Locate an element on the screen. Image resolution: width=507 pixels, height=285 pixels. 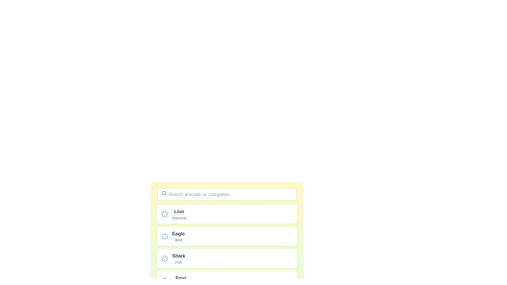
text information of the entry titled 'Eagle' in the animal list, located below 'Lion' and above 'Shark' is located at coordinates (179, 236).